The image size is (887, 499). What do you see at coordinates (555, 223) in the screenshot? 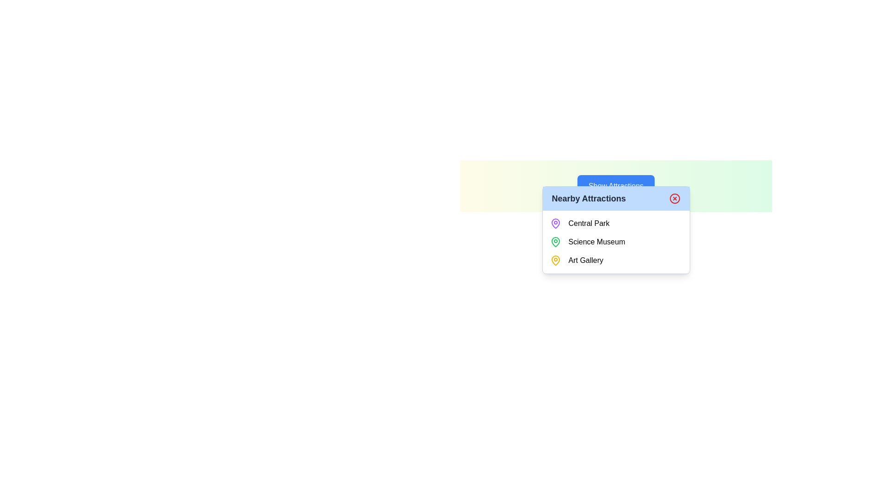
I see `visual design of the purple map pin icon located to the left of the text 'Central Park' in the 'Nearby Attractions' list` at bounding box center [555, 223].